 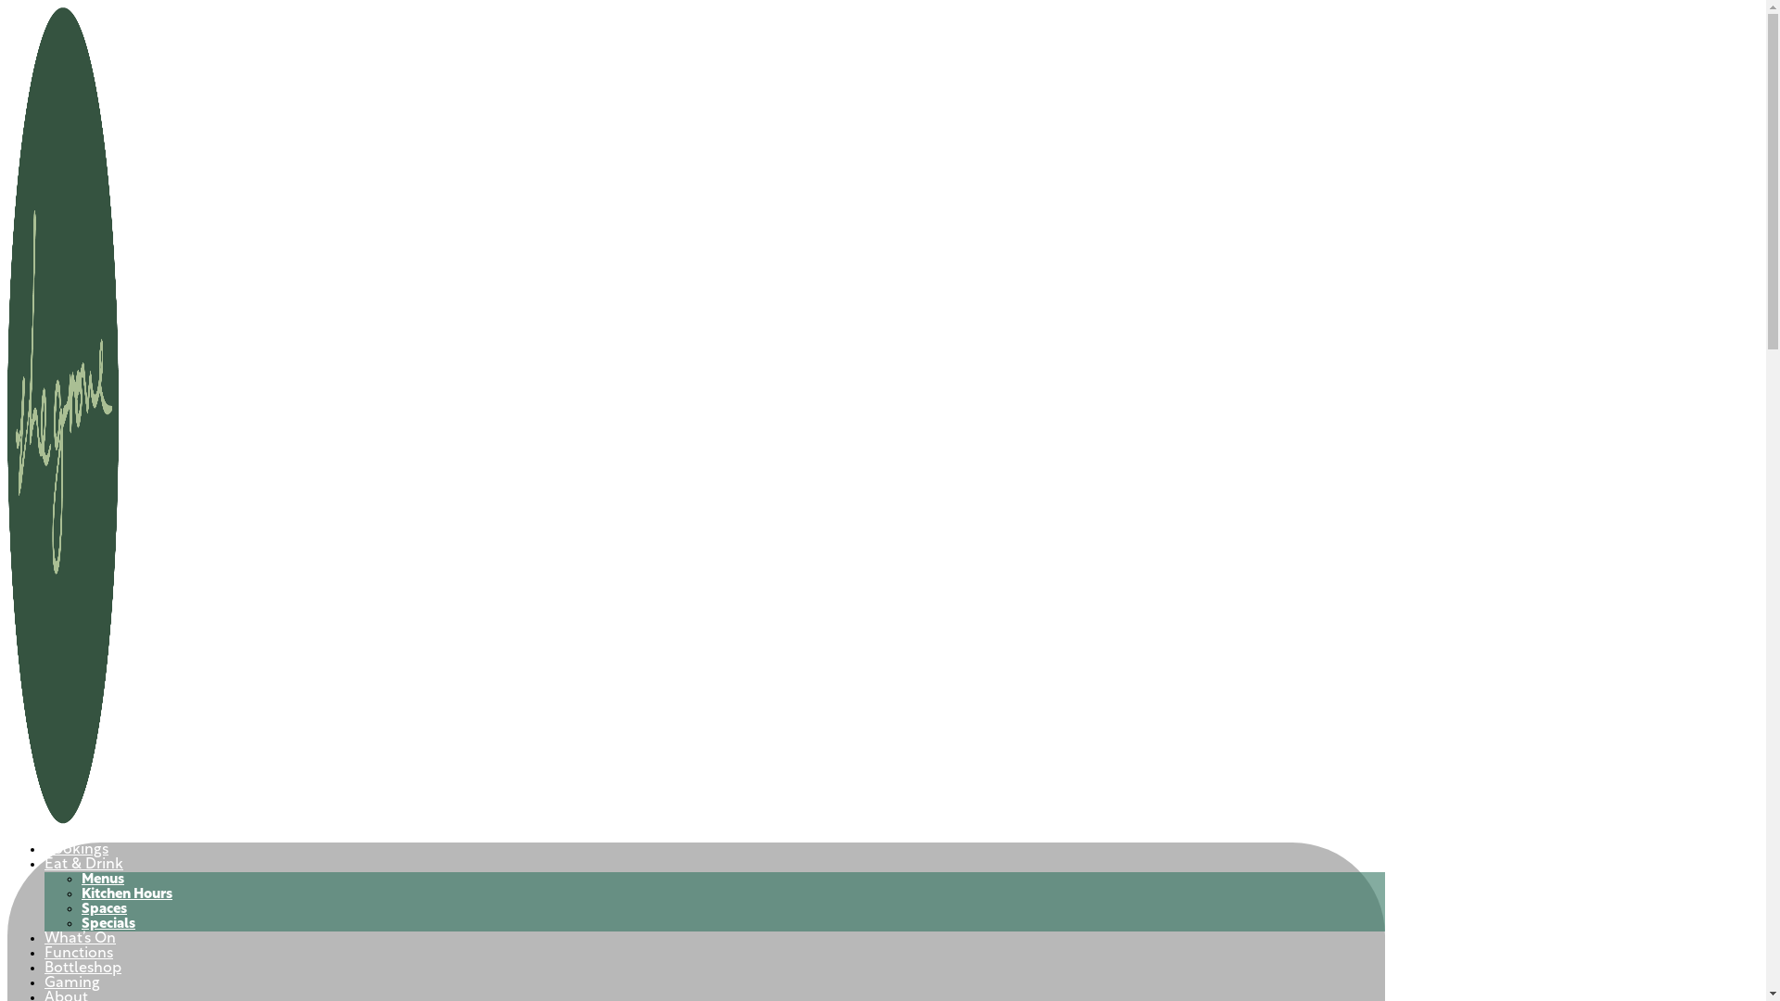 What do you see at coordinates (80, 893) in the screenshot?
I see `'Kitchen Hours'` at bounding box center [80, 893].